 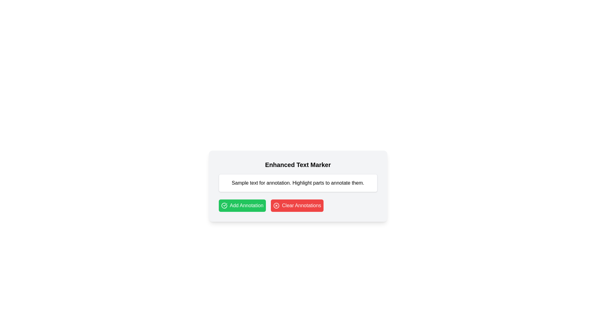 What do you see at coordinates (298, 182) in the screenshot?
I see `the letter 'g' in the word 'Highlight' within the instruction text displayed to the user` at bounding box center [298, 182].